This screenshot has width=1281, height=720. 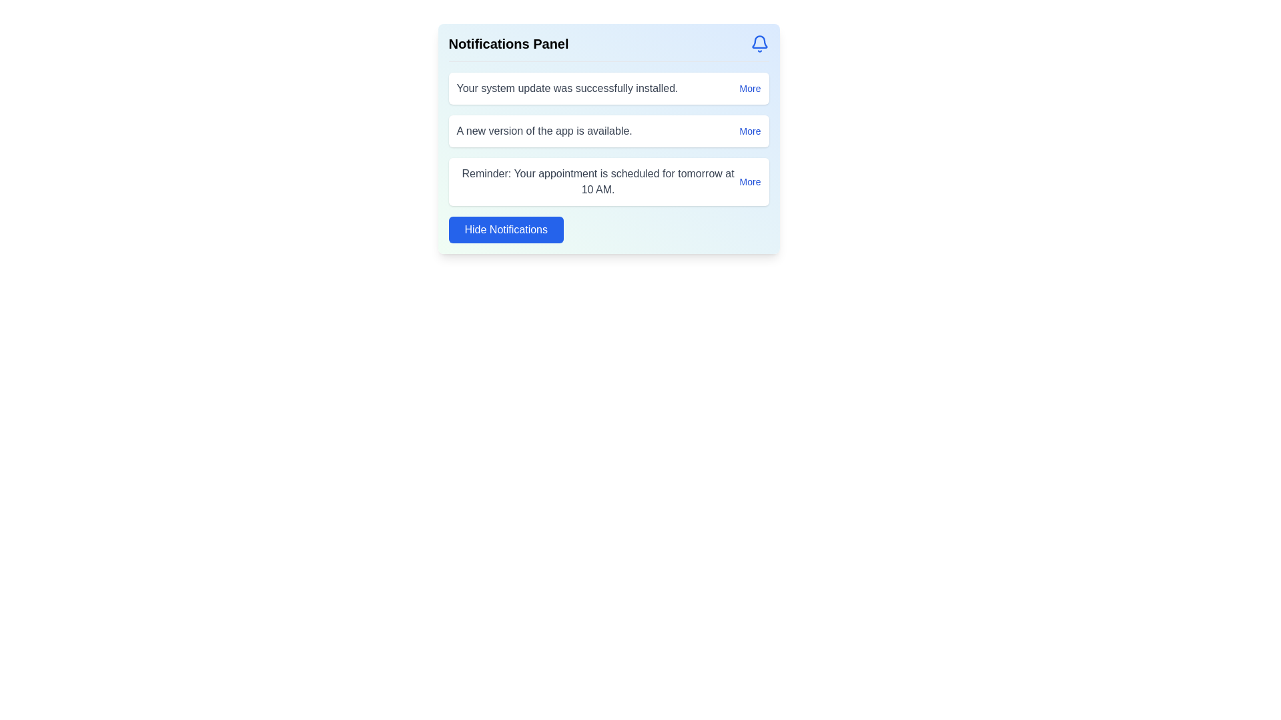 What do you see at coordinates (750, 131) in the screenshot?
I see `the link or button in the top-right corner of the second notification card to access more details` at bounding box center [750, 131].